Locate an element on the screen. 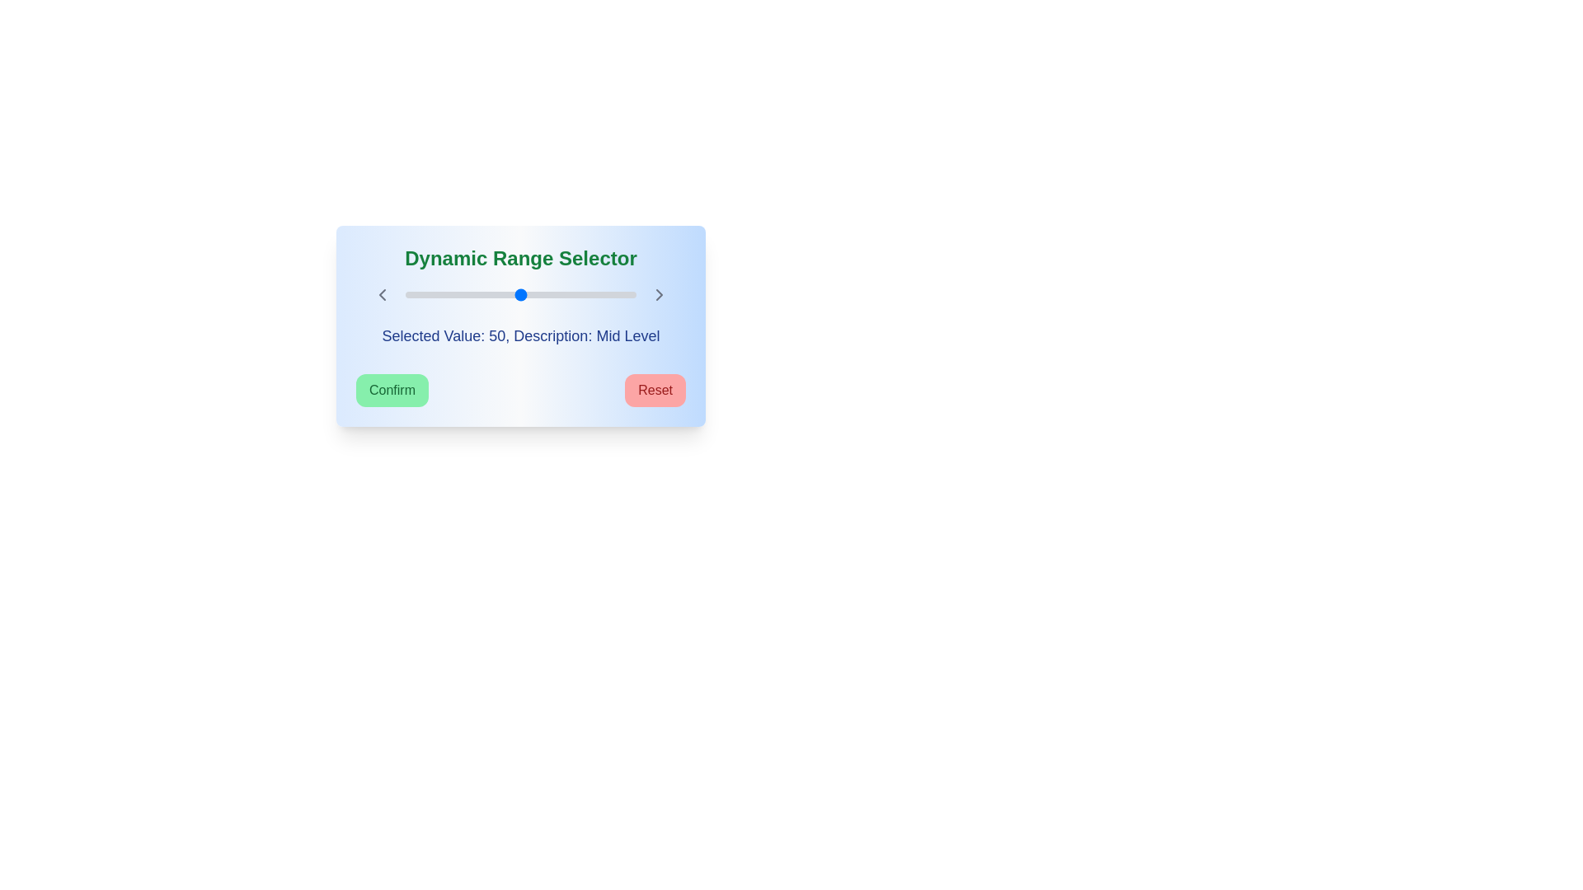  the slider is located at coordinates (594, 294).